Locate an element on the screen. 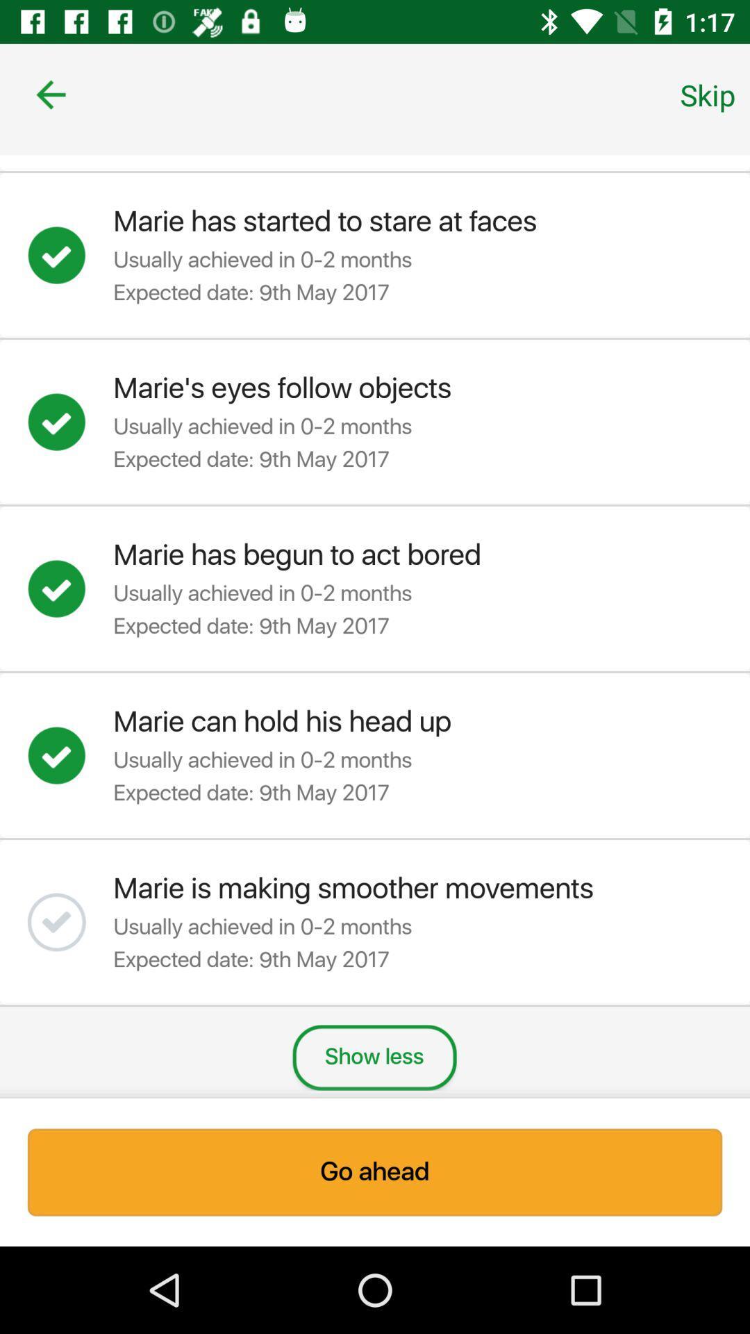 The width and height of the screenshot is (750, 1334). chose whether marie can hold her head up is located at coordinates (70, 755).